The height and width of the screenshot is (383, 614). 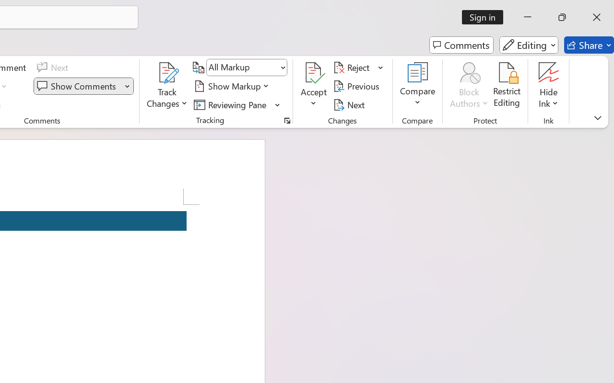 I want to click on 'Block Authors', so click(x=469, y=86).